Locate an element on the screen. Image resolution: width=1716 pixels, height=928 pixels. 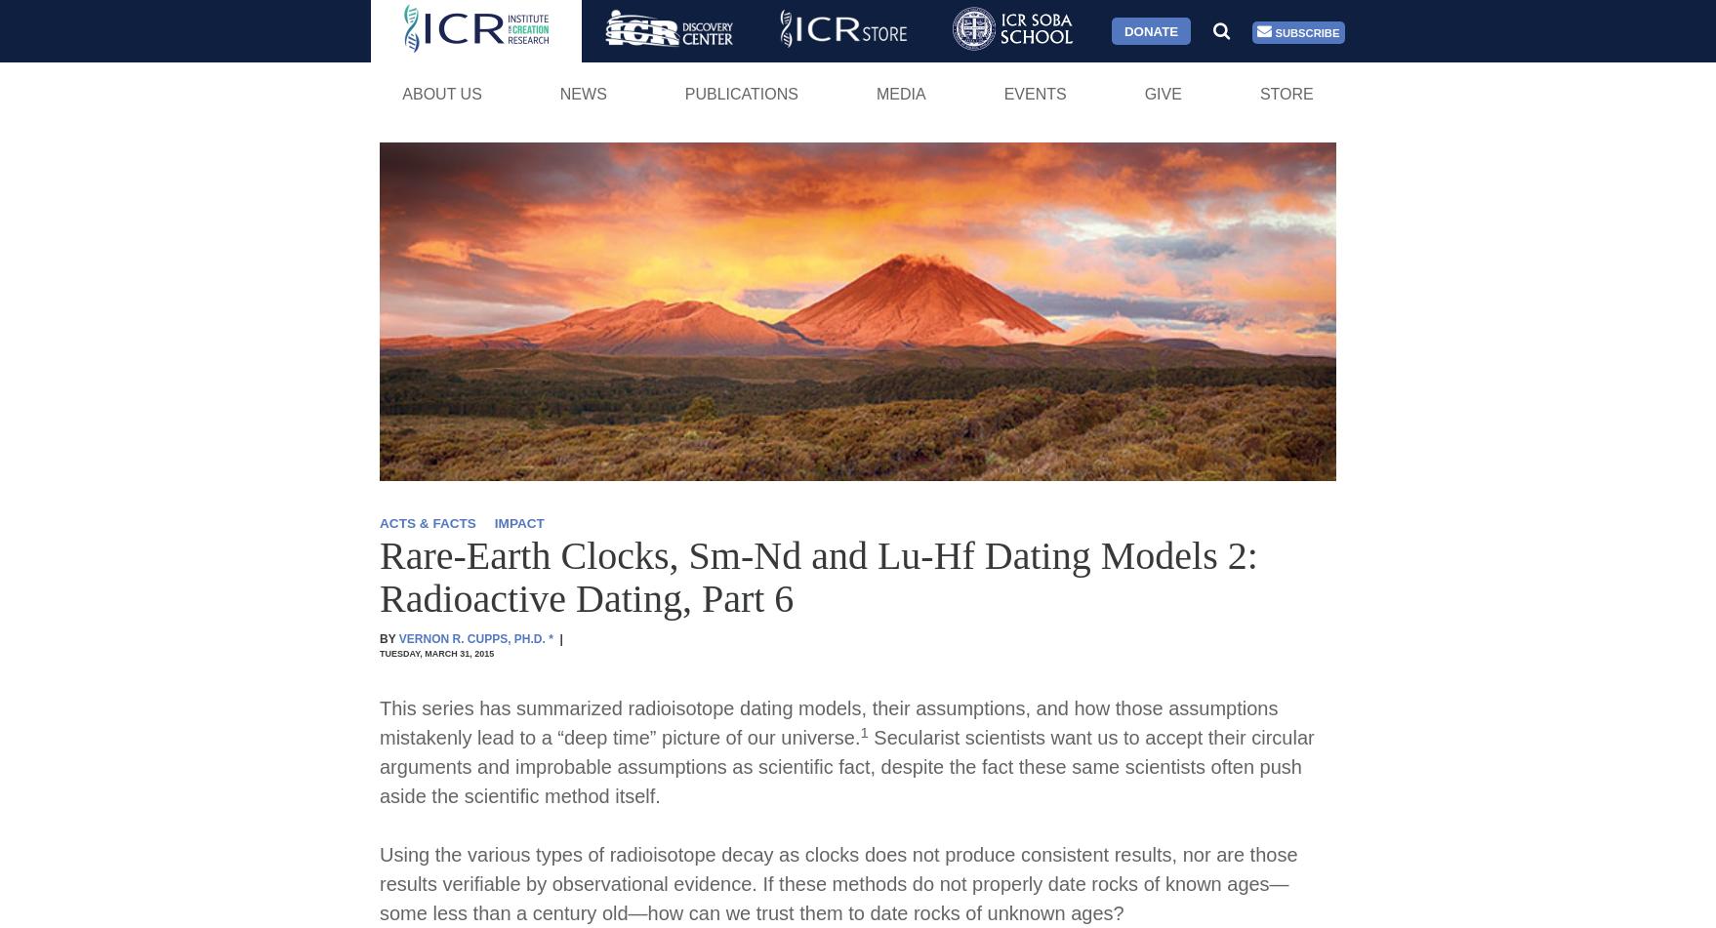
'Events' is located at coordinates (1002, 93).